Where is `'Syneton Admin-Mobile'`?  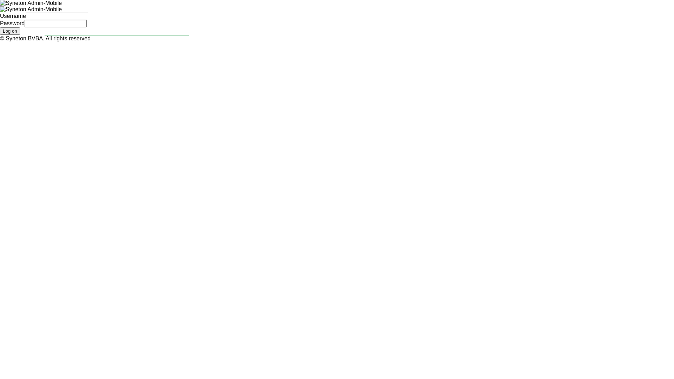
'Syneton Admin-Mobile' is located at coordinates (0, 3).